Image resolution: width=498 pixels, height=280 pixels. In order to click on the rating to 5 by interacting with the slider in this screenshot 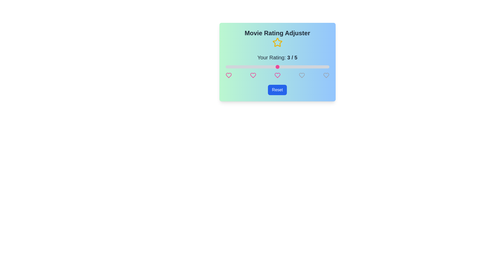, I will do `click(329, 67)`.